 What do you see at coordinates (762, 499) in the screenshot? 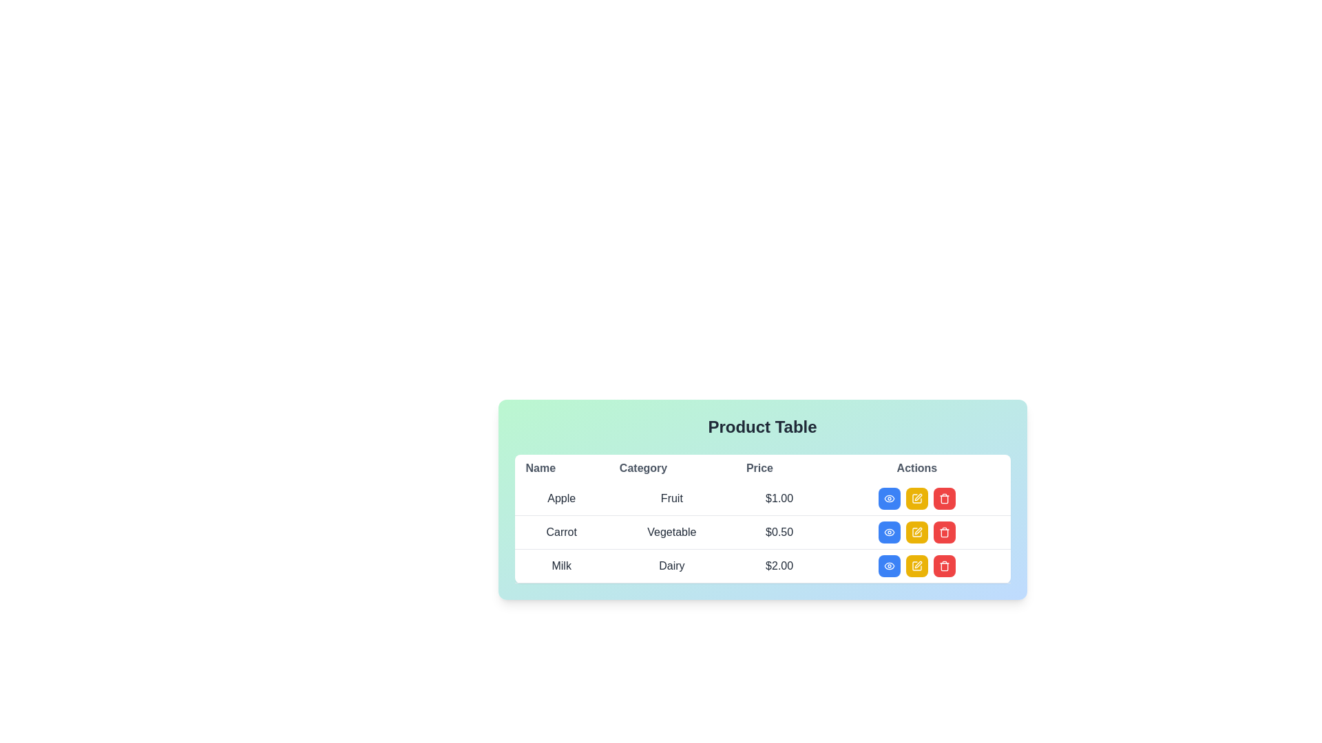
I see `the table cells in the 'Product Table', which contains headings such as 'Name', 'Category', 'Price', and 'Actions'` at bounding box center [762, 499].